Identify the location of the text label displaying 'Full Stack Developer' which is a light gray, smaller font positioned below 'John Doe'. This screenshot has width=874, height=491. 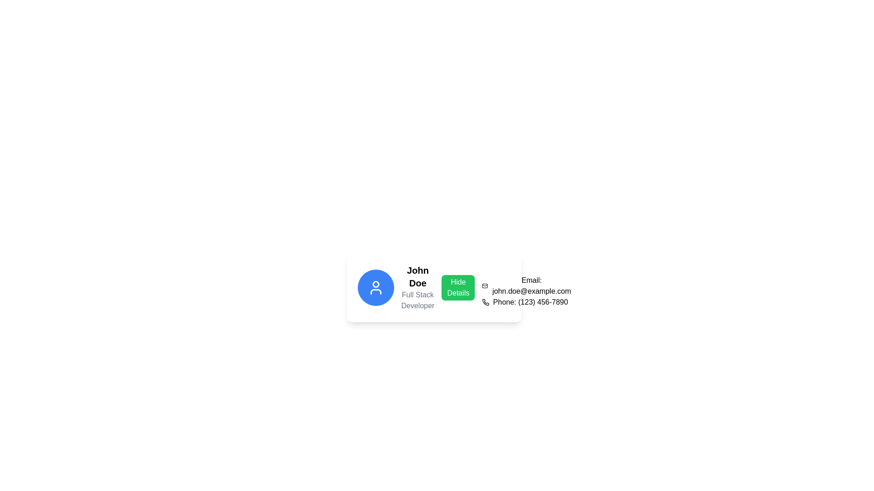
(417, 300).